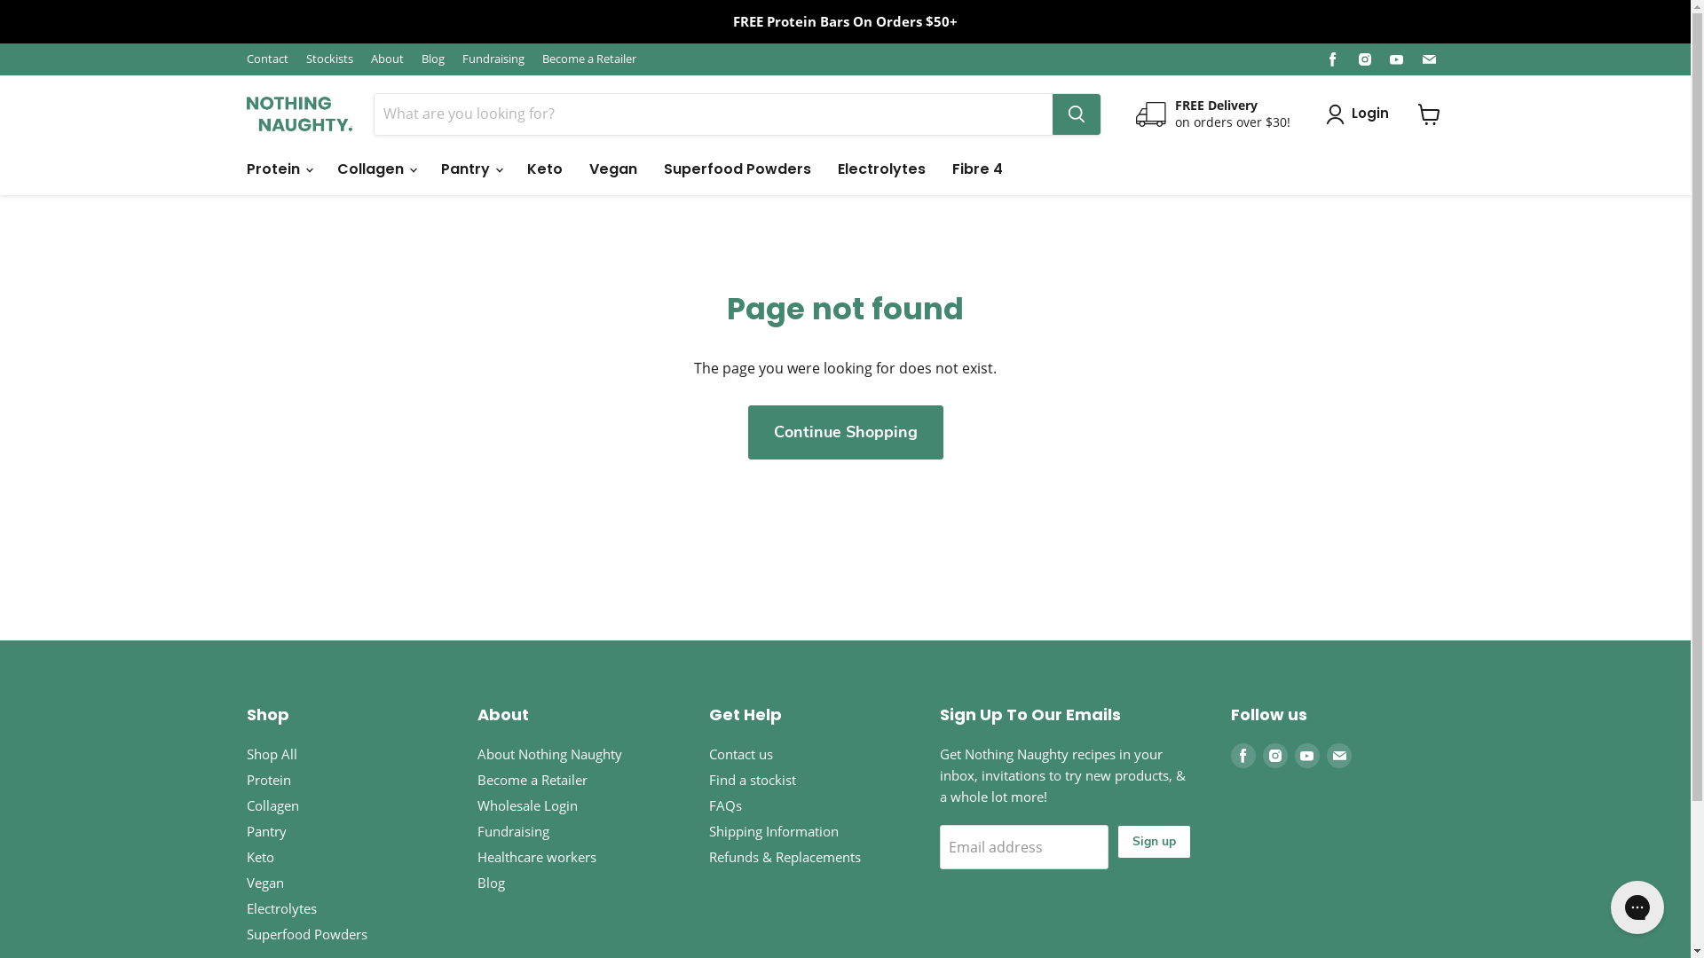  What do you see at coordinates (259, 855) in the screenshot?
I see `'Keto'` at bounding box center [259, 855].